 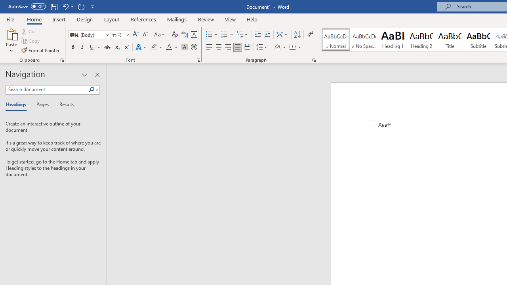 I want to click on 'Repeat Typing', so click(x=81, y=6).